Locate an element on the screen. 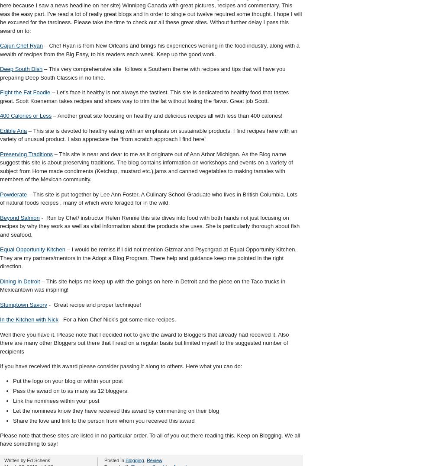 The width and height of the screenshot is (445, 466). 'Deep South Dish' is located at coordinates (0, 69).